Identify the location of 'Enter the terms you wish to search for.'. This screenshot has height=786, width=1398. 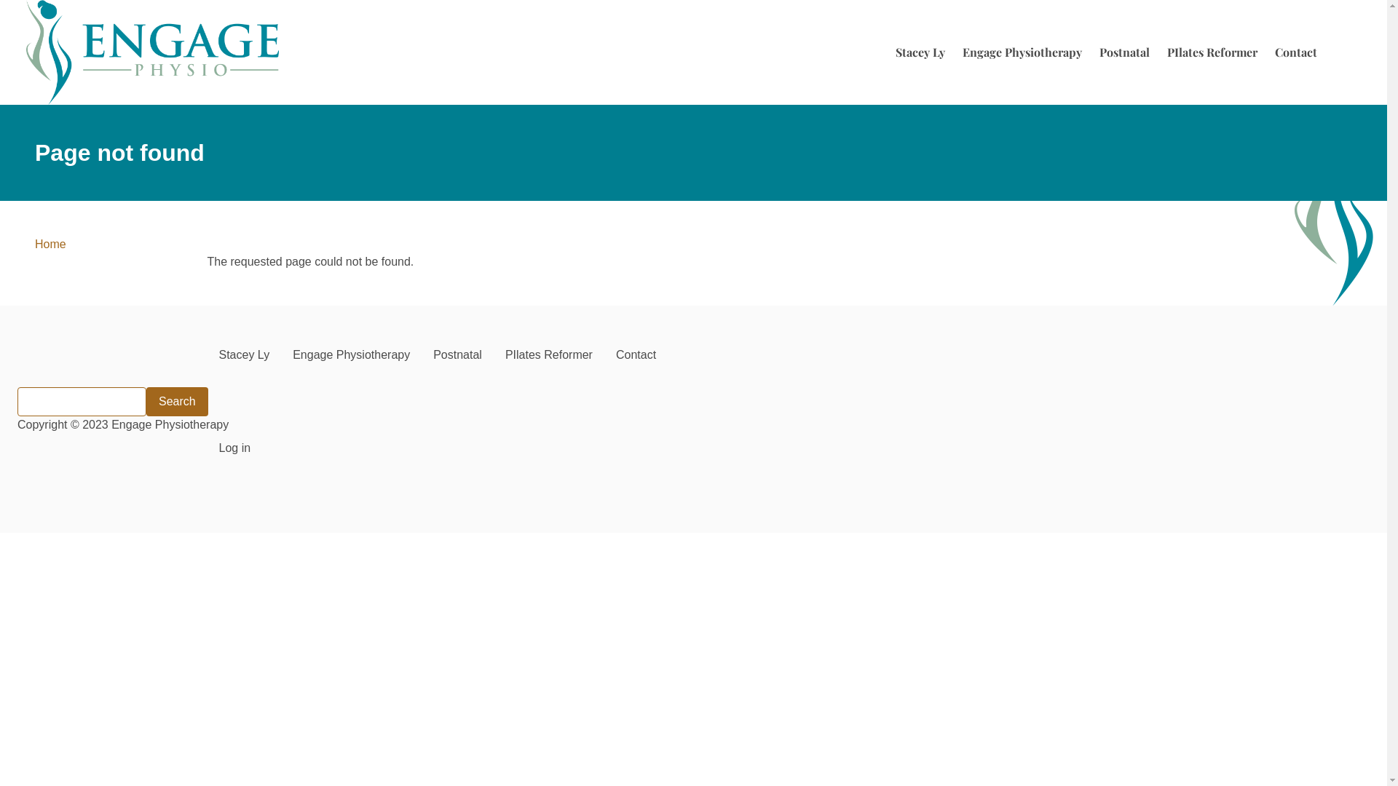
(81, 401).